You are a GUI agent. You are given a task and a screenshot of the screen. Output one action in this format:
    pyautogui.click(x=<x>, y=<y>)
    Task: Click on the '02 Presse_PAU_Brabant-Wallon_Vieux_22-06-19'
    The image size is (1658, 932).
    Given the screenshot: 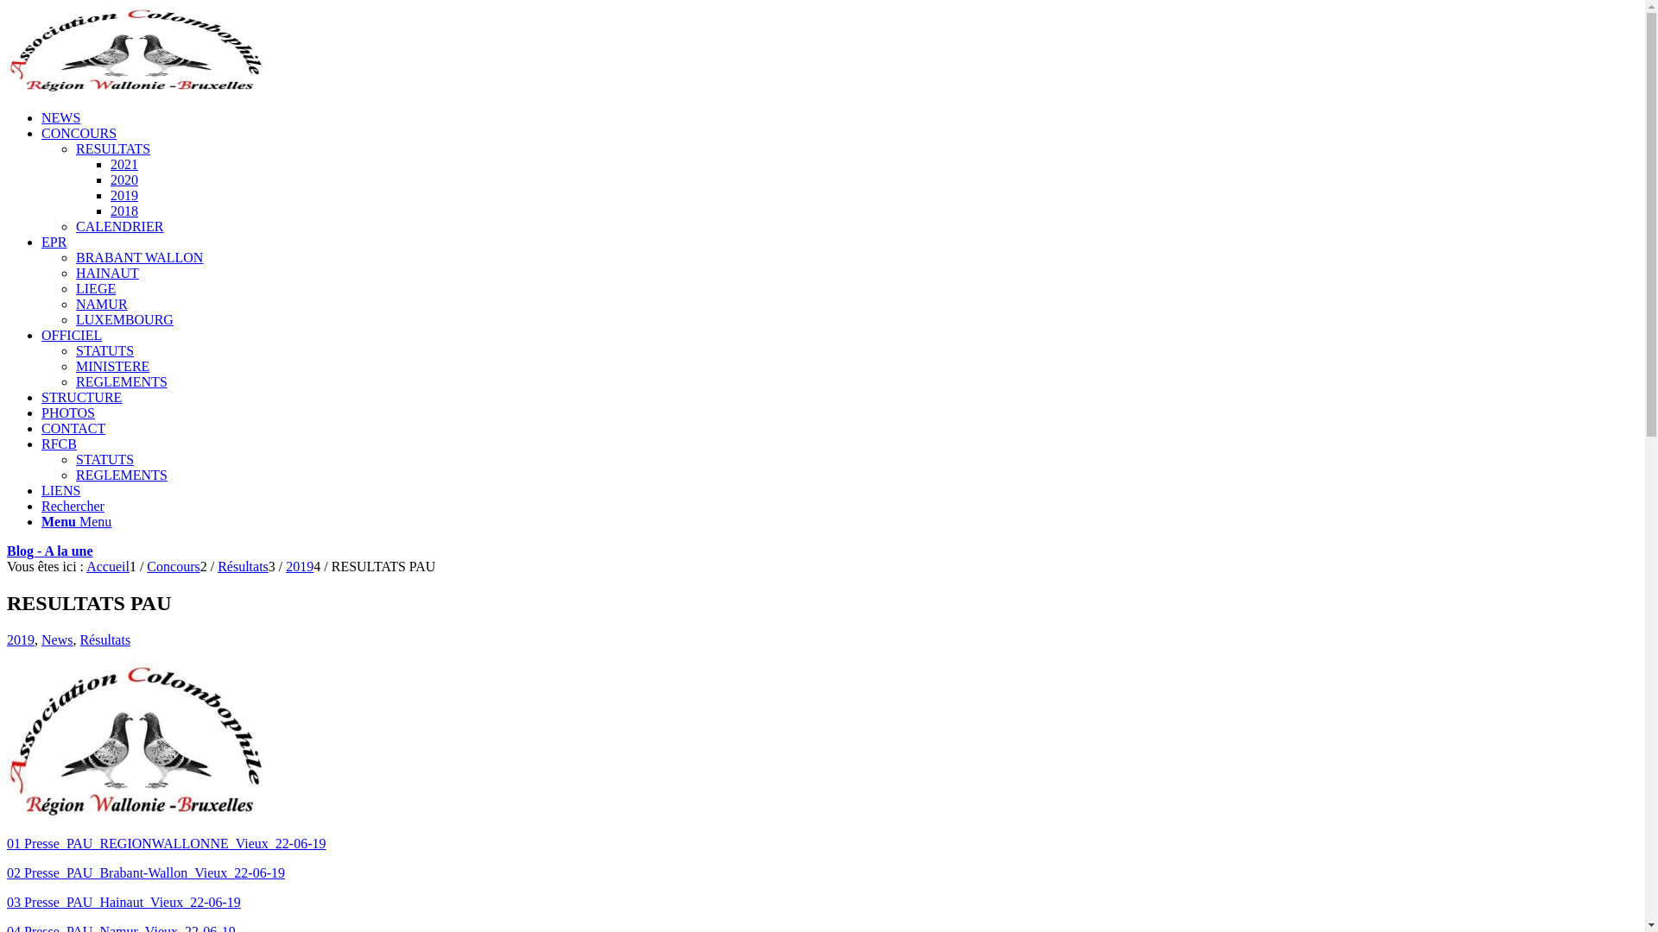 What is the action you would take?
    pyautogui.click(x=7, y=872)
    